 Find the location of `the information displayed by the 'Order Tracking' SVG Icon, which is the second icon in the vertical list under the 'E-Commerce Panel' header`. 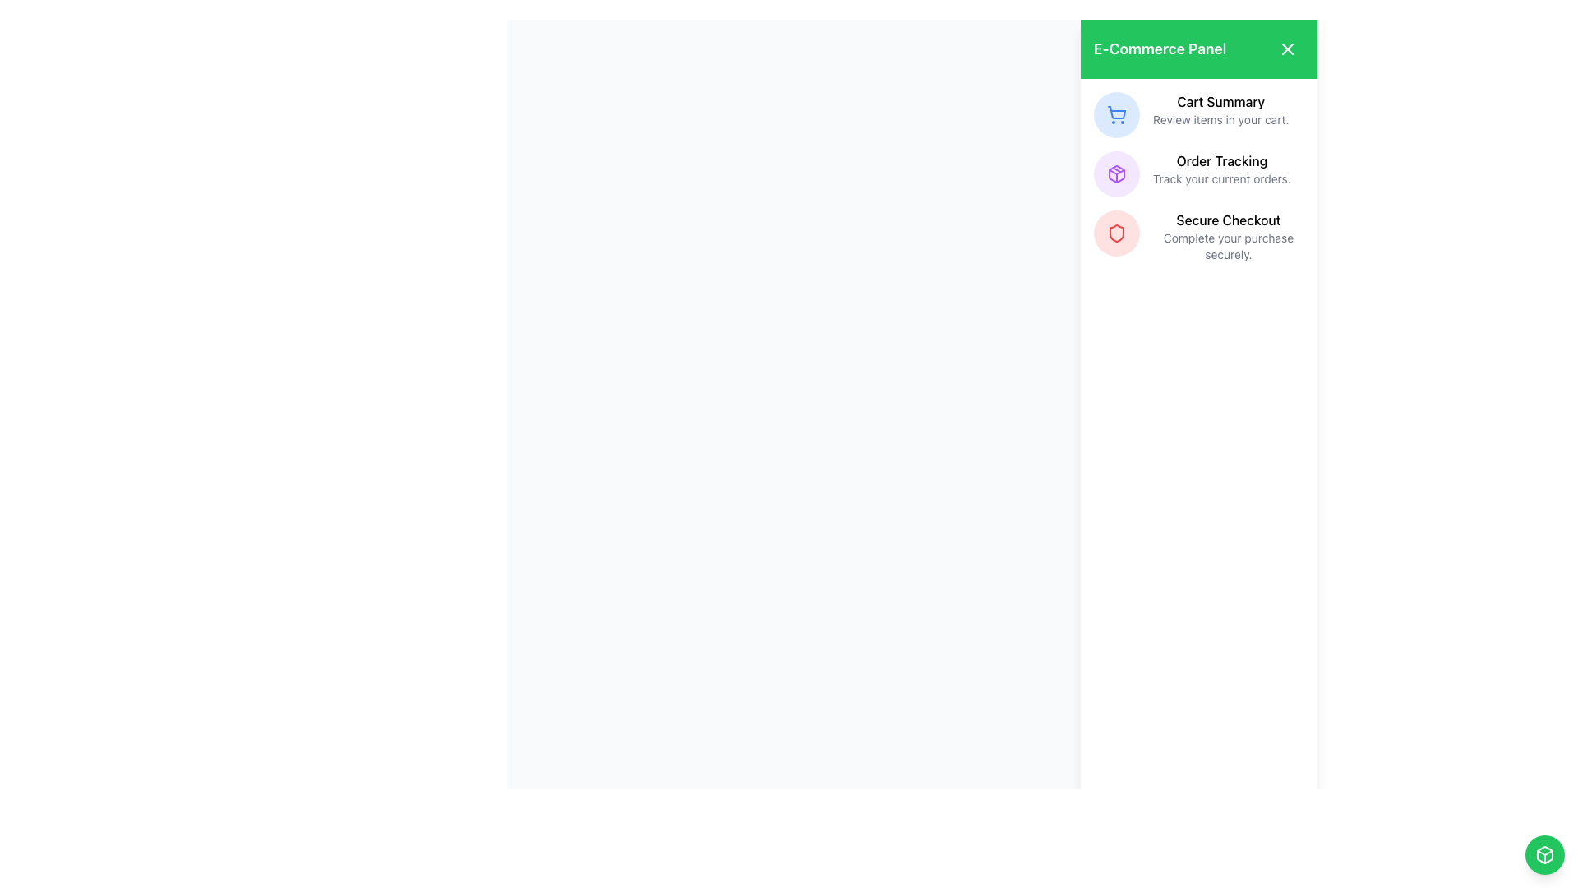

the information displayed by the 'Order Tracking' SVG Icon, which is the second icon in the vertical list under the 'E-Commerce Panel' header is located at coordinates (1116, 174).